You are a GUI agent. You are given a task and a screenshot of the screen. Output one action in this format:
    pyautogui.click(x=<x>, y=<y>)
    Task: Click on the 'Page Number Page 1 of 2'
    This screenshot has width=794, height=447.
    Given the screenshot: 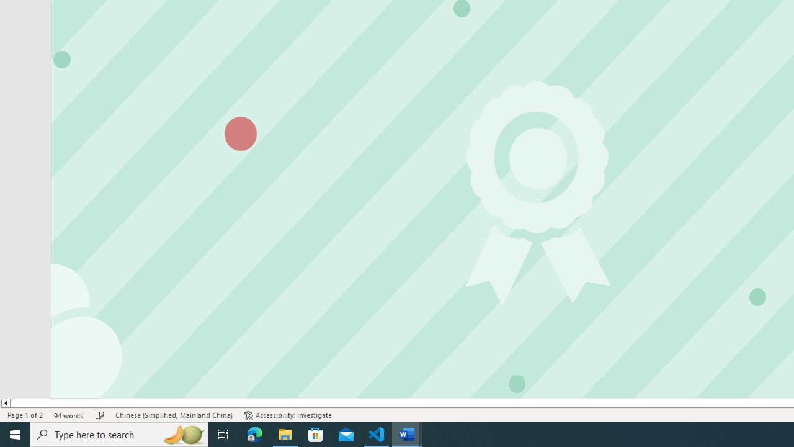 What is the action you would take?
    pyautogui.click(x=25, y=415)
    